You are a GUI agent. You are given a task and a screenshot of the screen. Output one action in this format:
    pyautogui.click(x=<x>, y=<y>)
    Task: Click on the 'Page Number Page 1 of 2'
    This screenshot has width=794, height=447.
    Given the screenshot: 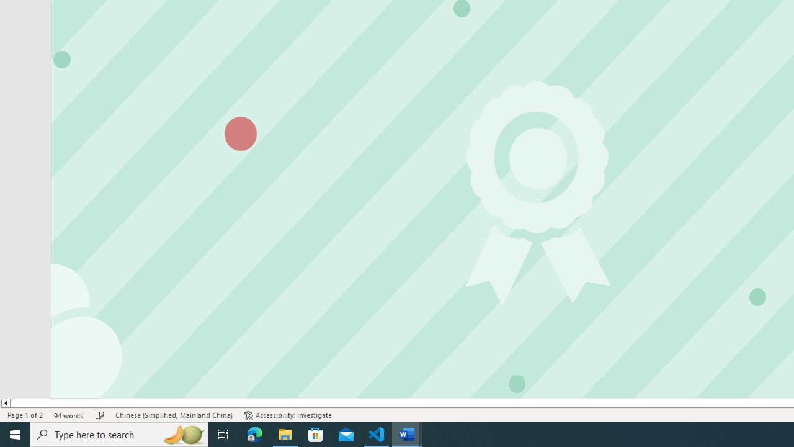 What is the action you would take?
    pyautogui.click(x=25, y=415)
    